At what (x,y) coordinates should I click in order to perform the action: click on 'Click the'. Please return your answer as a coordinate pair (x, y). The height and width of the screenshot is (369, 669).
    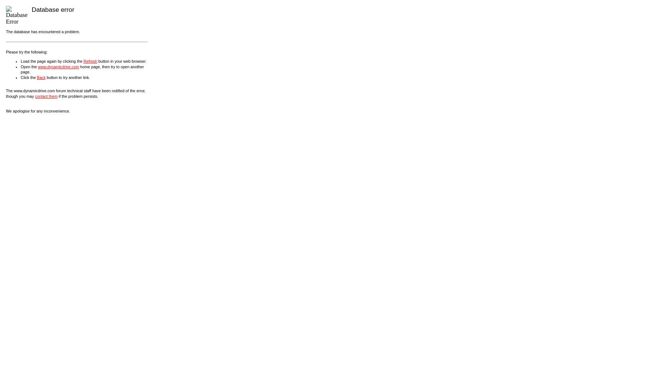
    Looking at the image, I should click on (20, 77).